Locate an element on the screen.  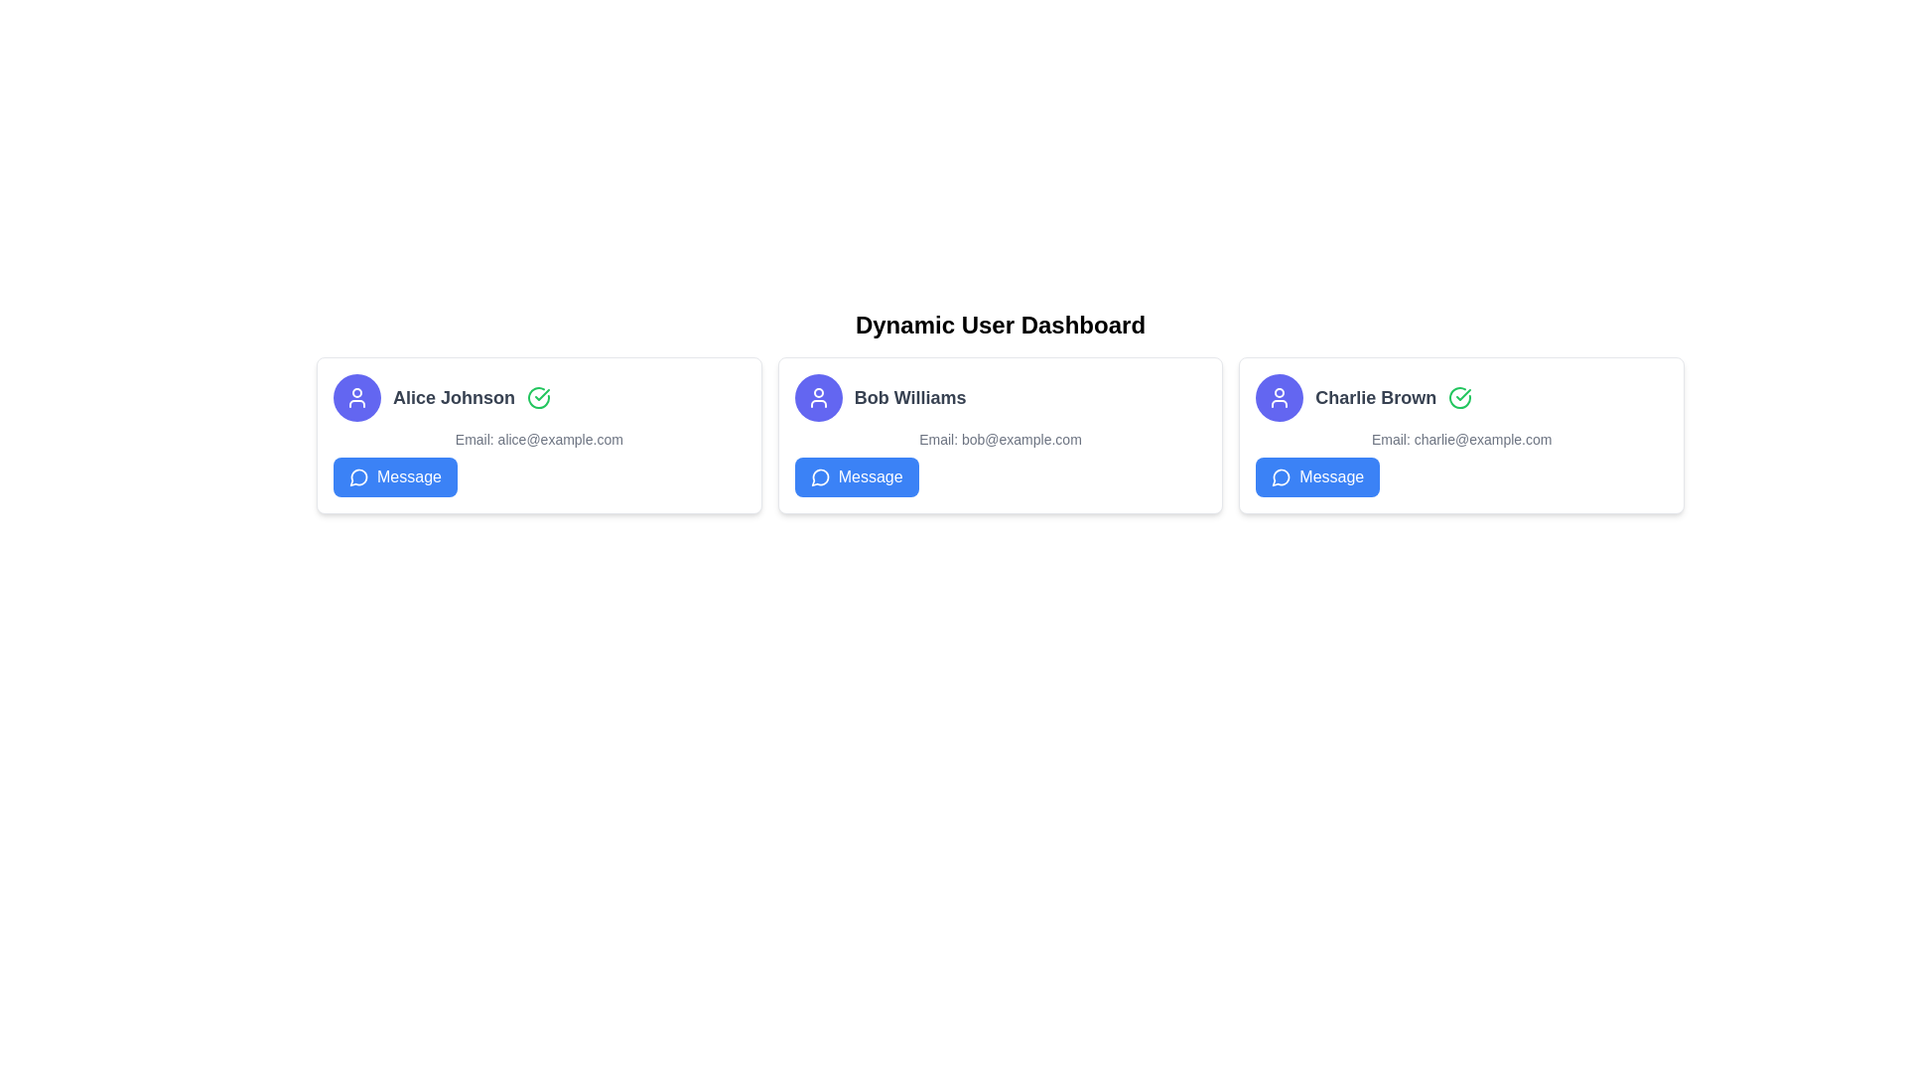
the button located at the bottom of the 'Bob Williams' card is located at coordinates (857, 477).